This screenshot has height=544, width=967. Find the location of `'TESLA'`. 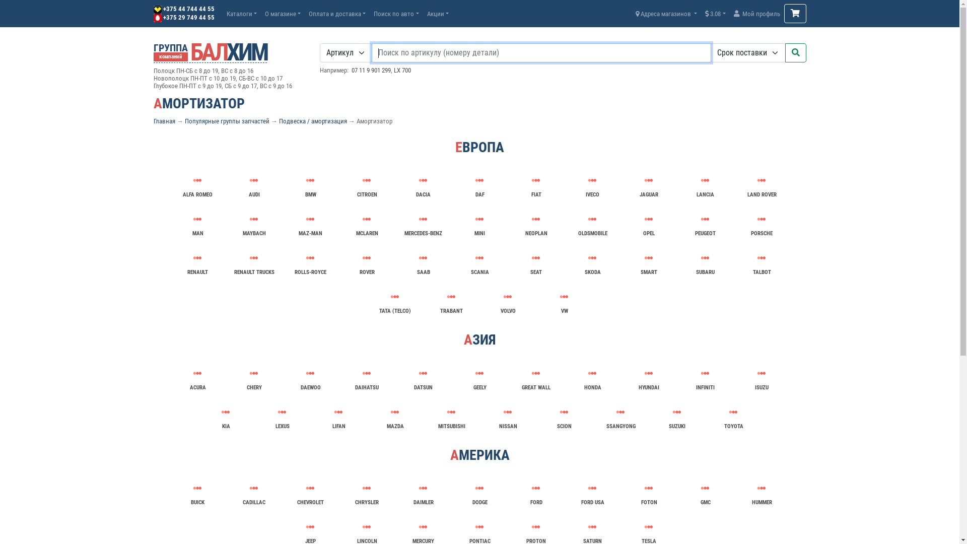

'TESLA' is located at coordinates (648, 526).